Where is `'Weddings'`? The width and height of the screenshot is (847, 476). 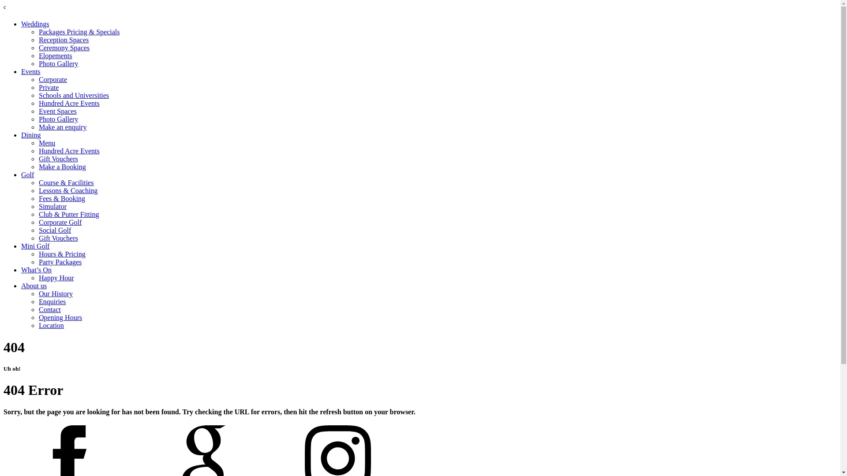 'Weddings' is located at coordinates (35, 23).